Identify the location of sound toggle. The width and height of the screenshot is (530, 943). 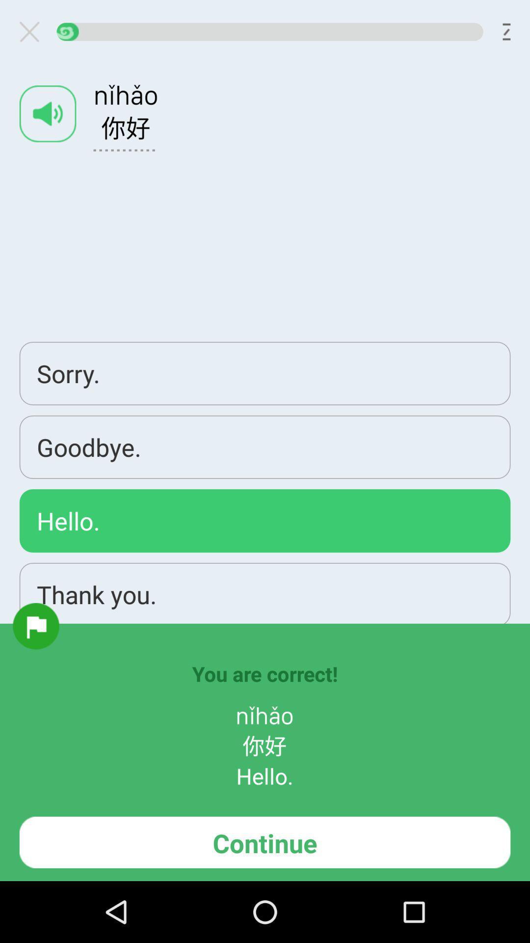
(48, 113).